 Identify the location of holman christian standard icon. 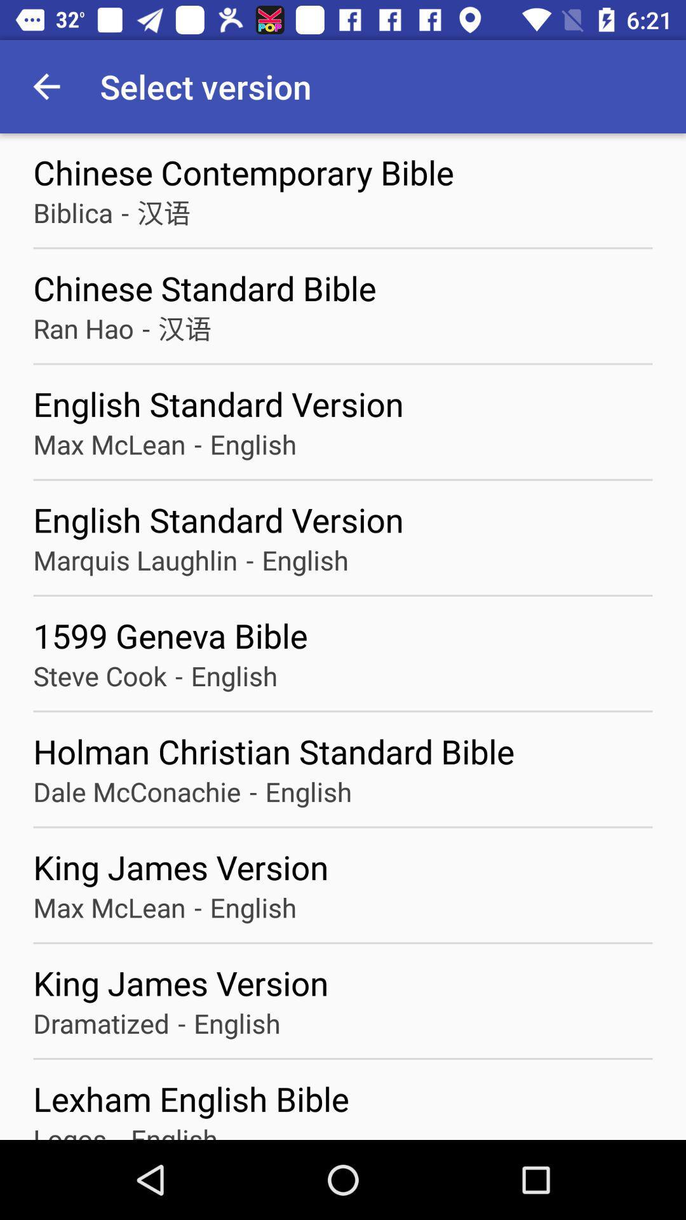
(343, 751).